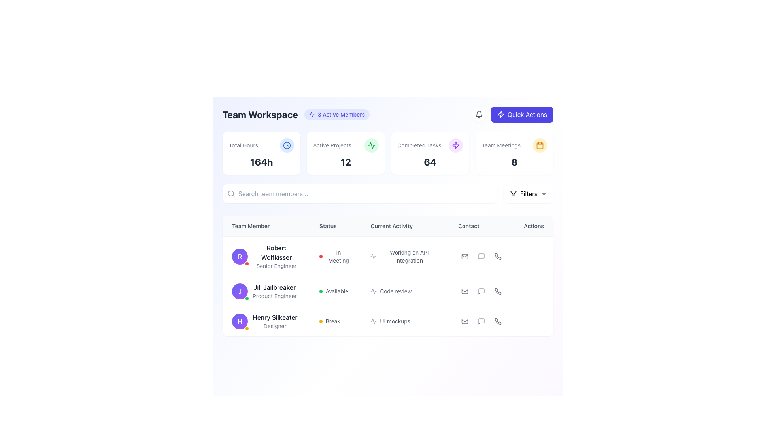  I want to click on the speech bubble icon in the 'Actions' column of the first row of the team member table, so click(481, 256).